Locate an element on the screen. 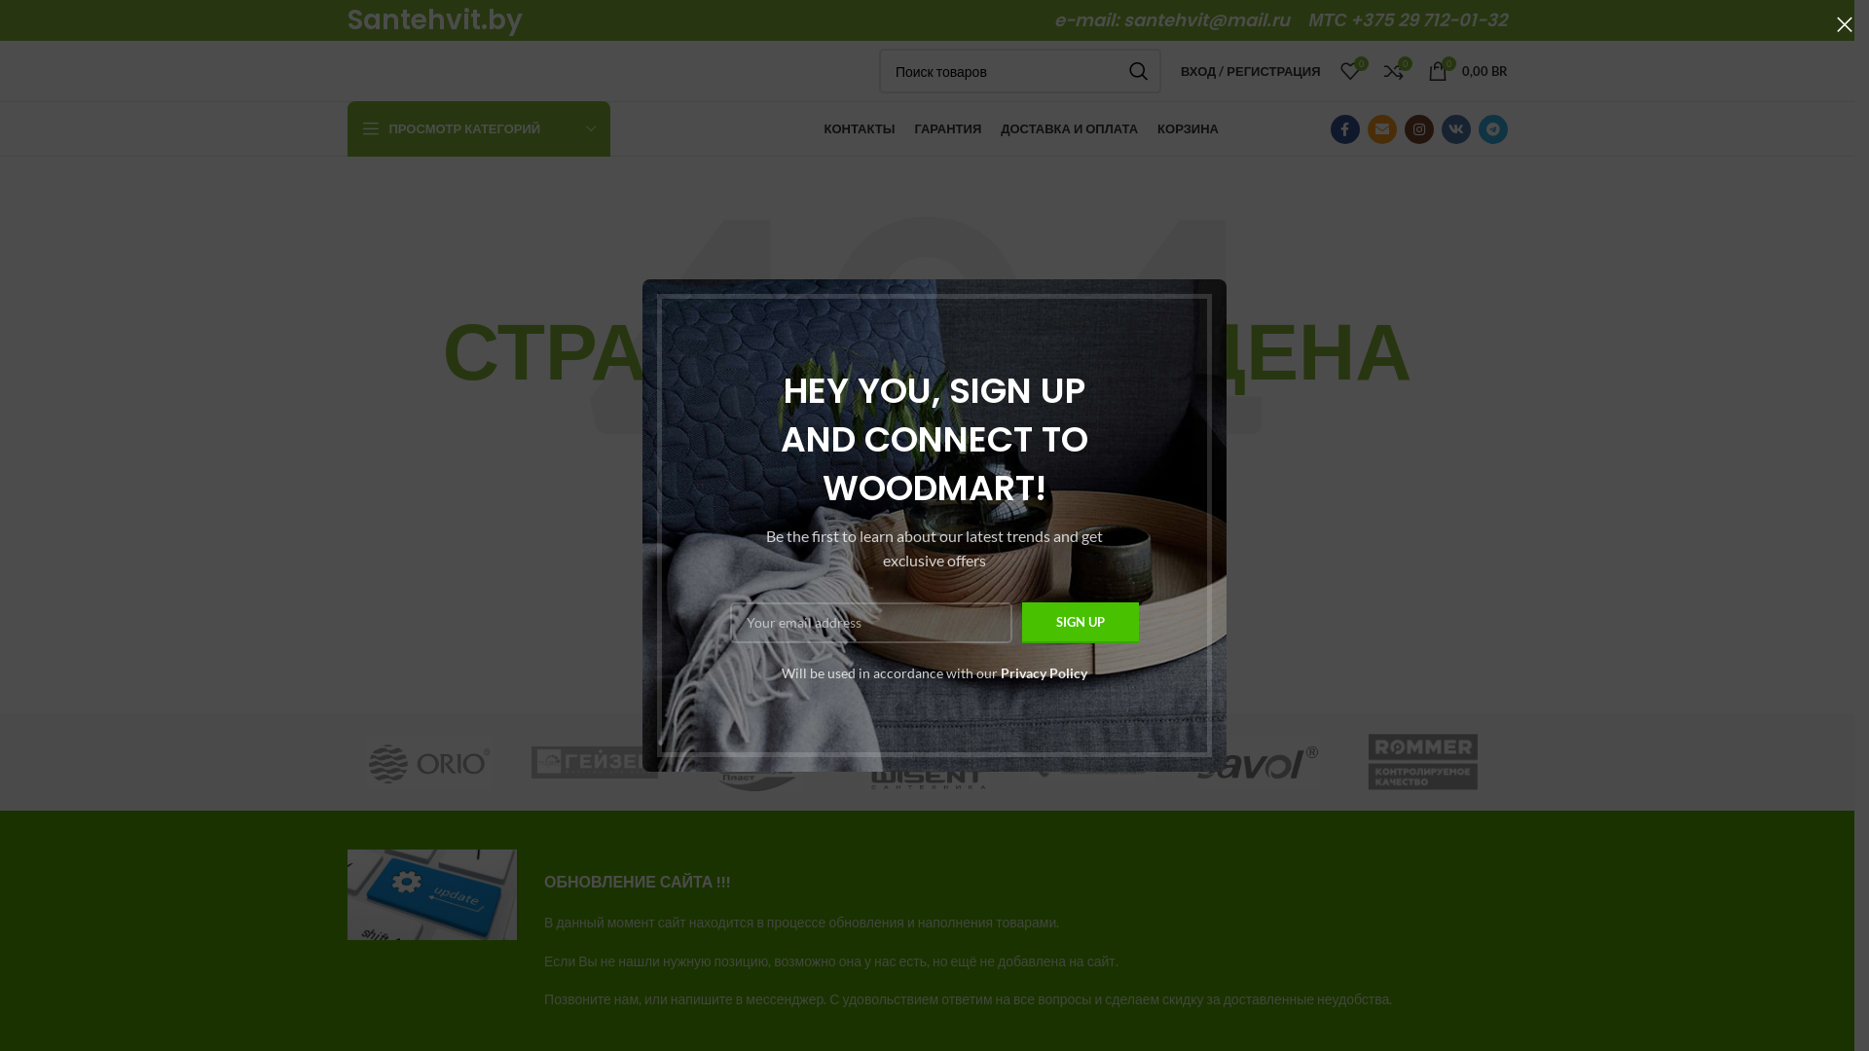  'Savol' is located at coordinates (1257, 761).